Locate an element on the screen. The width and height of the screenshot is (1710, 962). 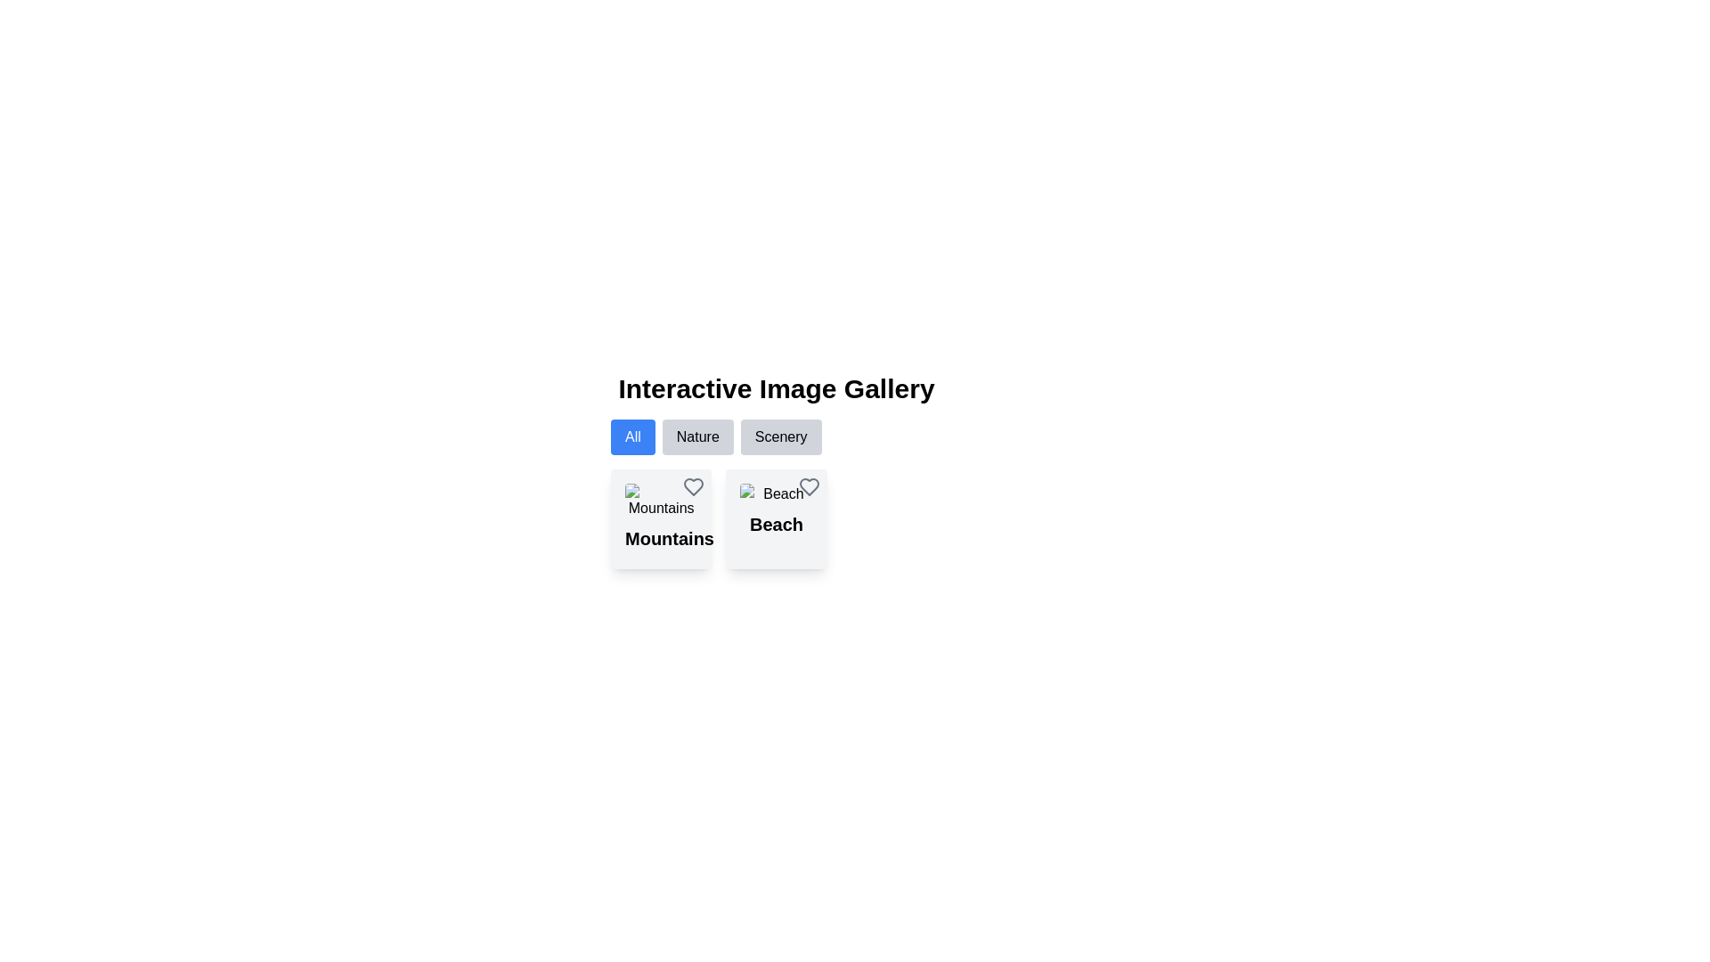
the heart-shaped icon button located is located at coordinates (808, 487).